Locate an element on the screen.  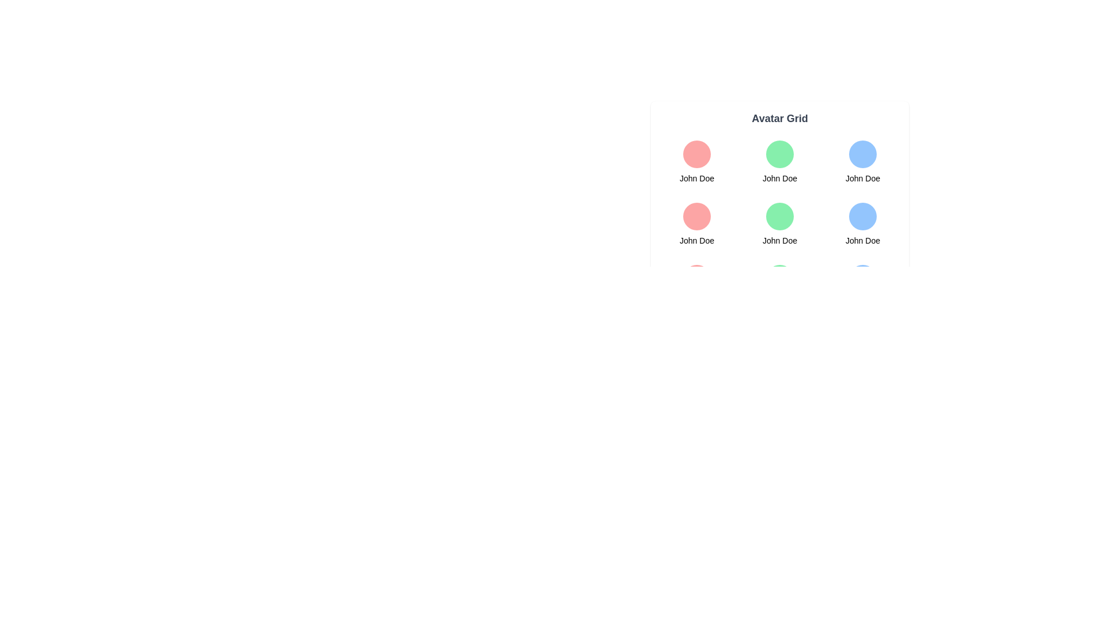
the Avatar element displaying the user profile for 'John Doe' located in the first row and third column of a 3x3 grid layout is located at coordinates (862, 162).